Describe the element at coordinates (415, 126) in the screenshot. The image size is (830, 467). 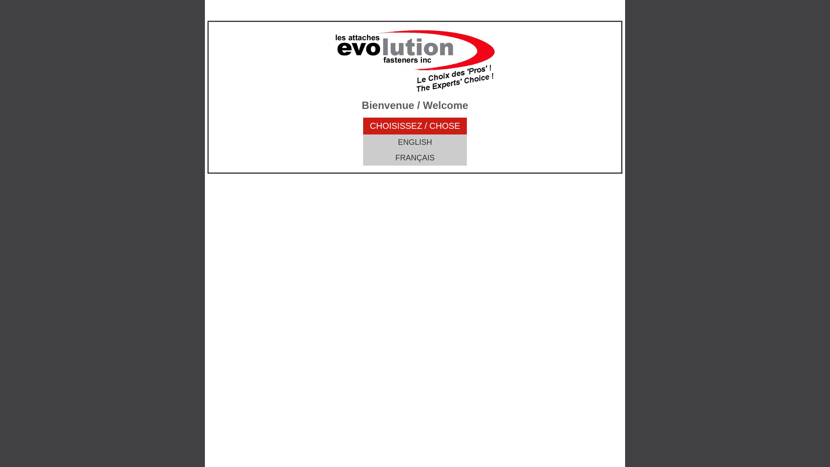
I see `'CHOISISSEZ / CHOSE'` at that location.